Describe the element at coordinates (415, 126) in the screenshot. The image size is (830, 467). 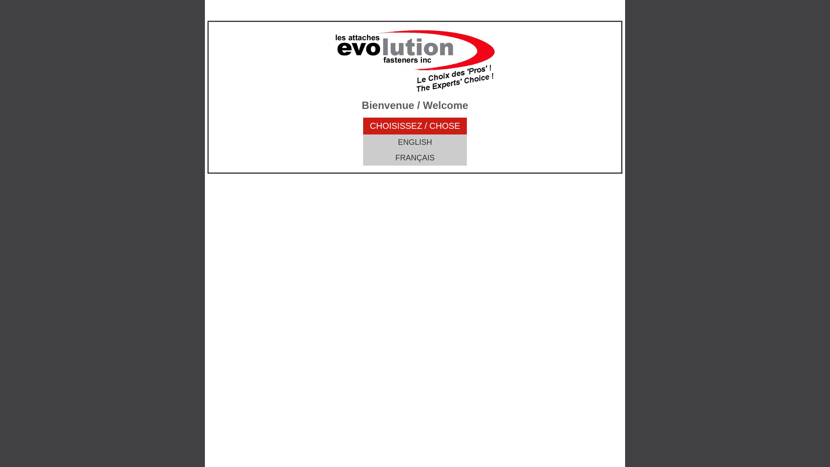
I see `'CHOISISSEZ / CHOSE'` at that location.